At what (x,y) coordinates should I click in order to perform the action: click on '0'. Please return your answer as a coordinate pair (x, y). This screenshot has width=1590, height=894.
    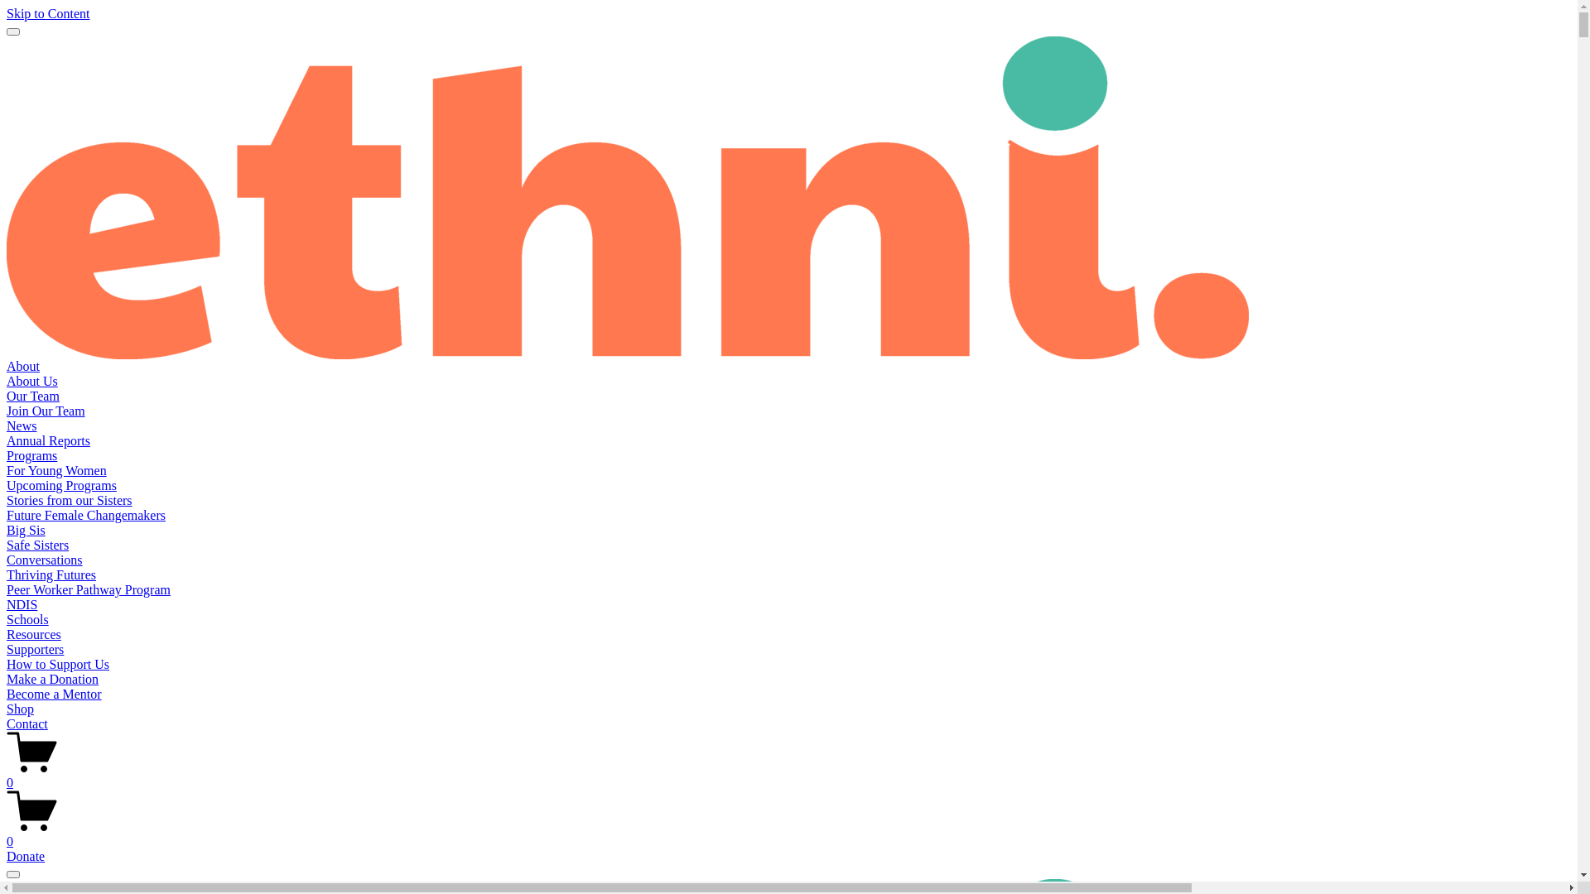
    Looking at the image, I should click on (788, 776).